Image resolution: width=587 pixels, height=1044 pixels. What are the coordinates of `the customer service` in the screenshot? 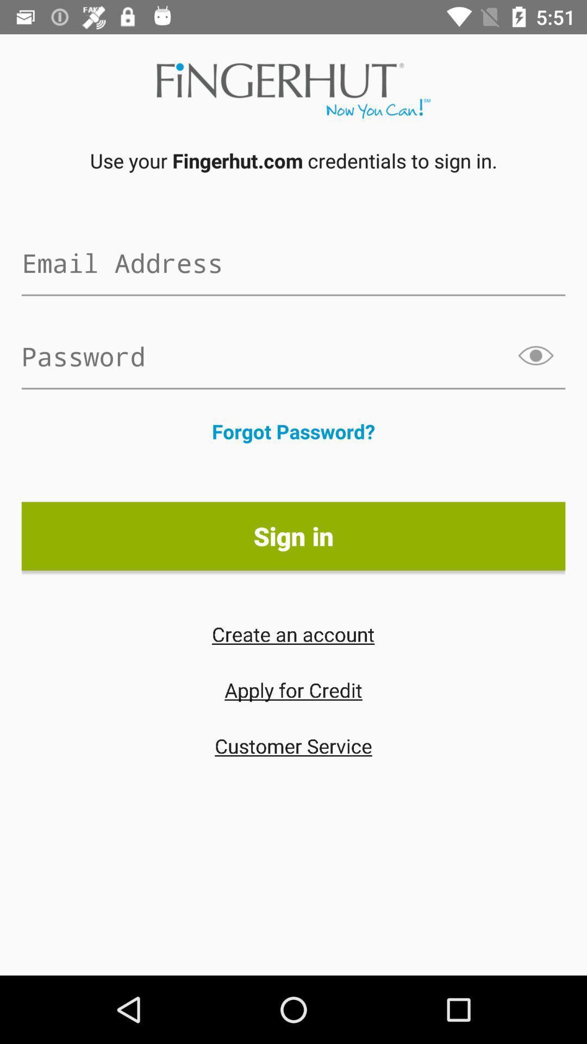 It's located at (293, 745).